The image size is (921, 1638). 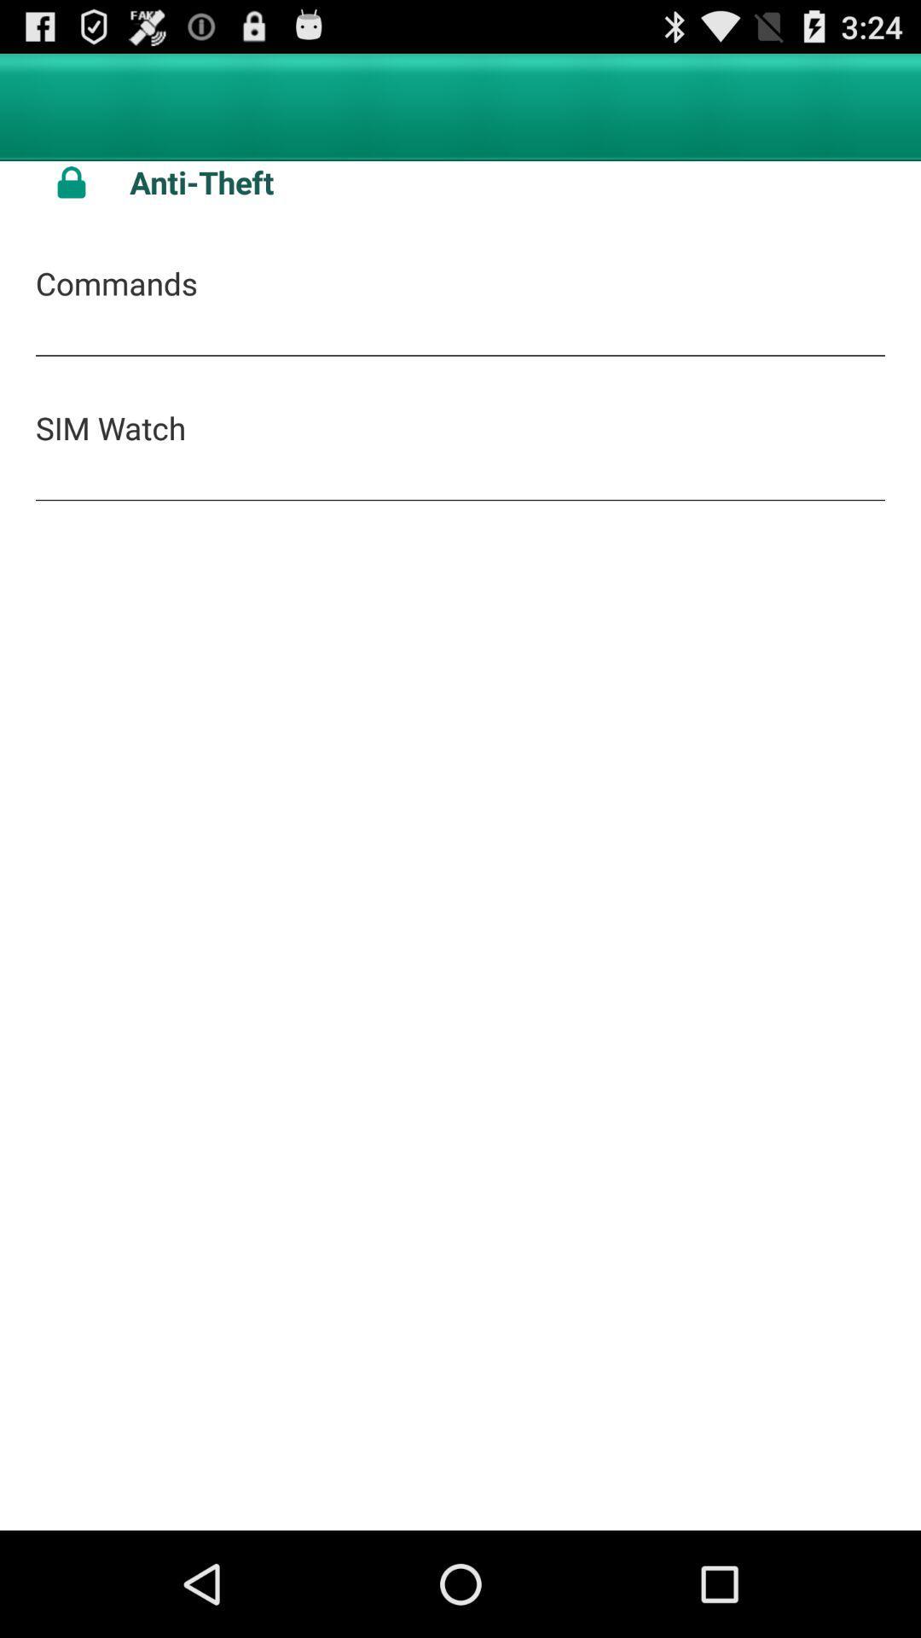 What do you see at coordinates (71, 182) in the screenshot?
I see `the icon above the commands icon` at bounding box center [71, 182].